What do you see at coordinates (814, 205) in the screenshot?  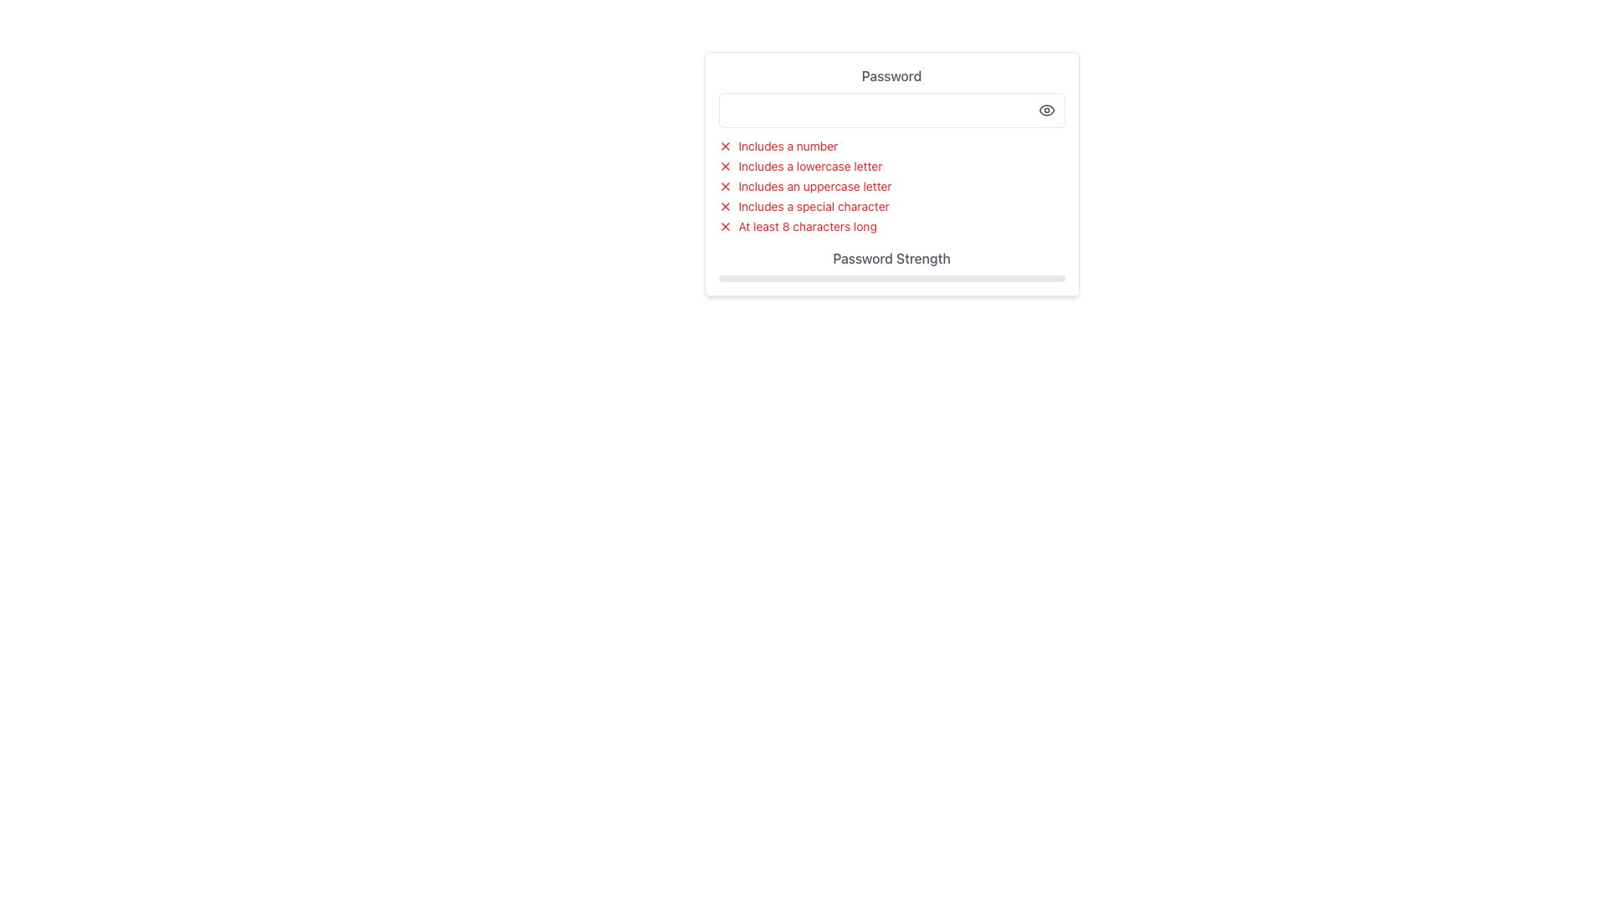 I see `the red-colored text stating 'Includes a special character', which is the fourth item in a list of password guideline instructions` at bounding box center [814, 205].